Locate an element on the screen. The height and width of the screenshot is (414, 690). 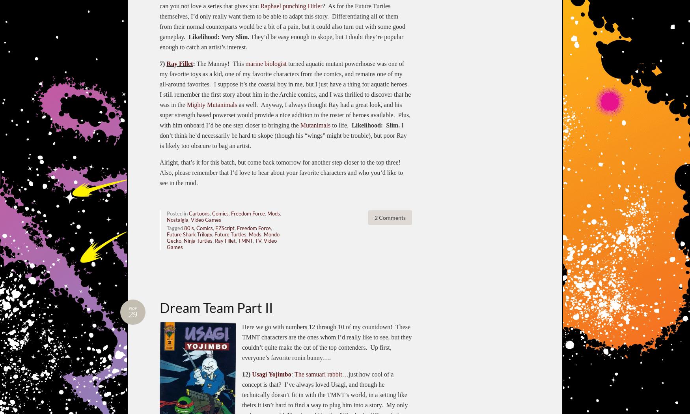
'Mighty Mutanimals' is located at coordinates (211, 104).